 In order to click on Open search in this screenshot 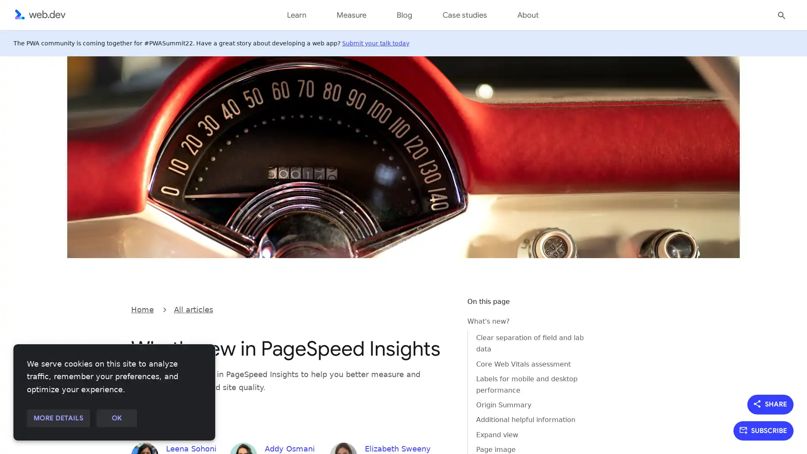, I will do `click(781, 14)`.